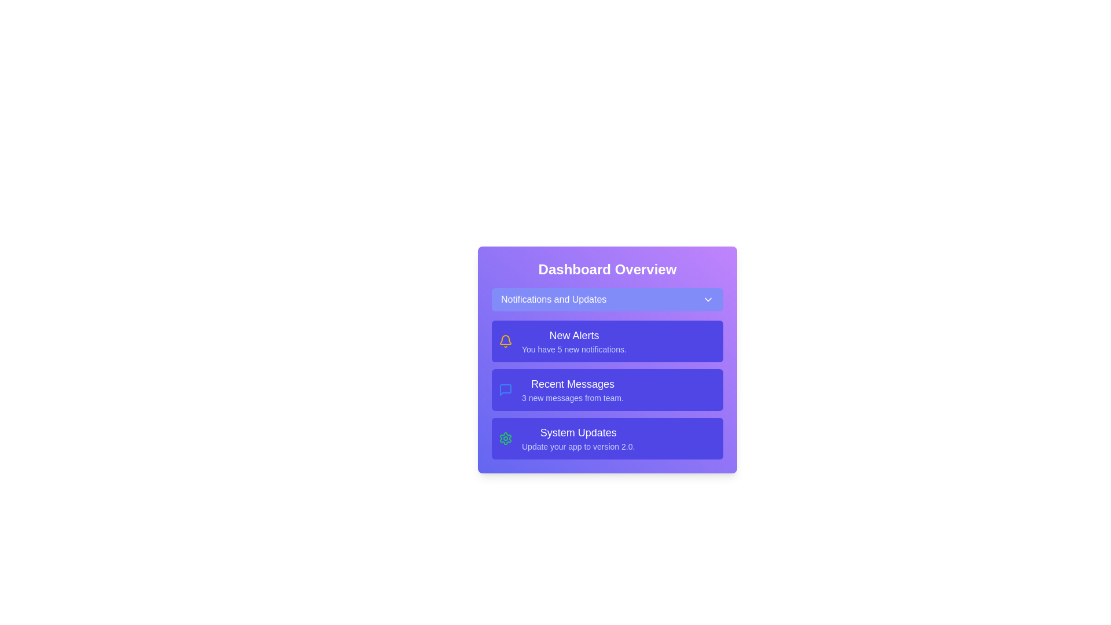 This screenshot has height=625, width=1111. I want to click on 'Notifications and Updates' button to toggle the menu visibility, so click(607, 299).